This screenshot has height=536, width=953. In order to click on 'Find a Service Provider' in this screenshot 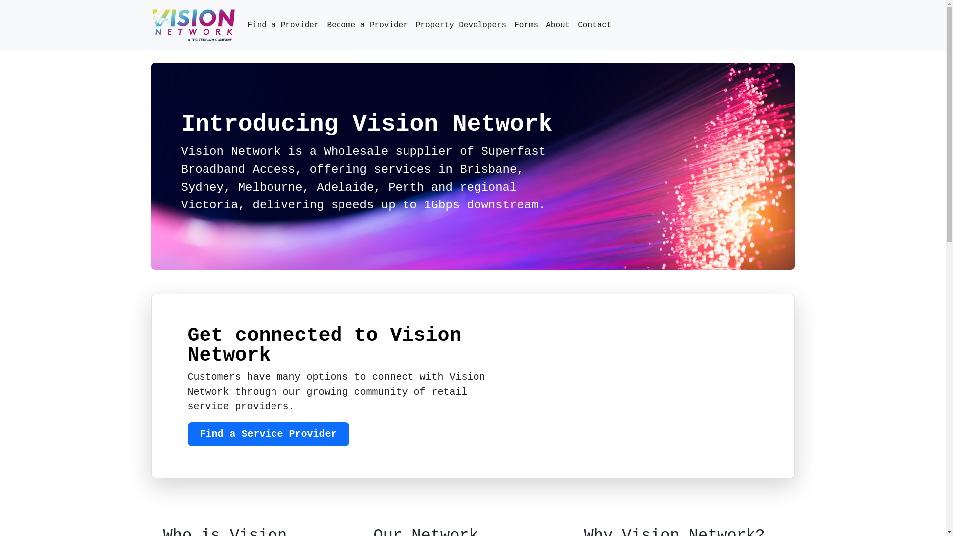, I will do `click(269, 434)`.